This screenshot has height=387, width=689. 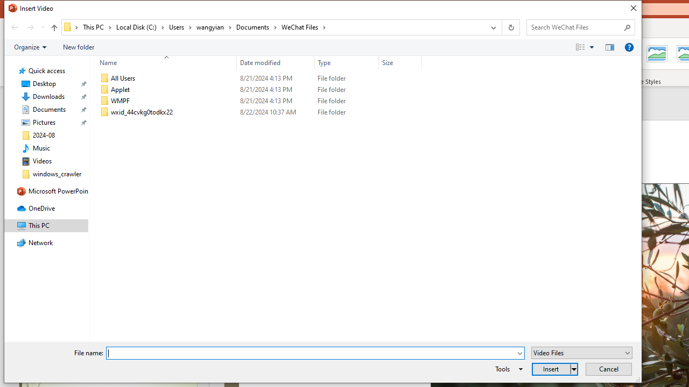 What do you see at coordinates (97, 26) in the screenshot?
I see `'This PC'` at bounding box center [97, 26].